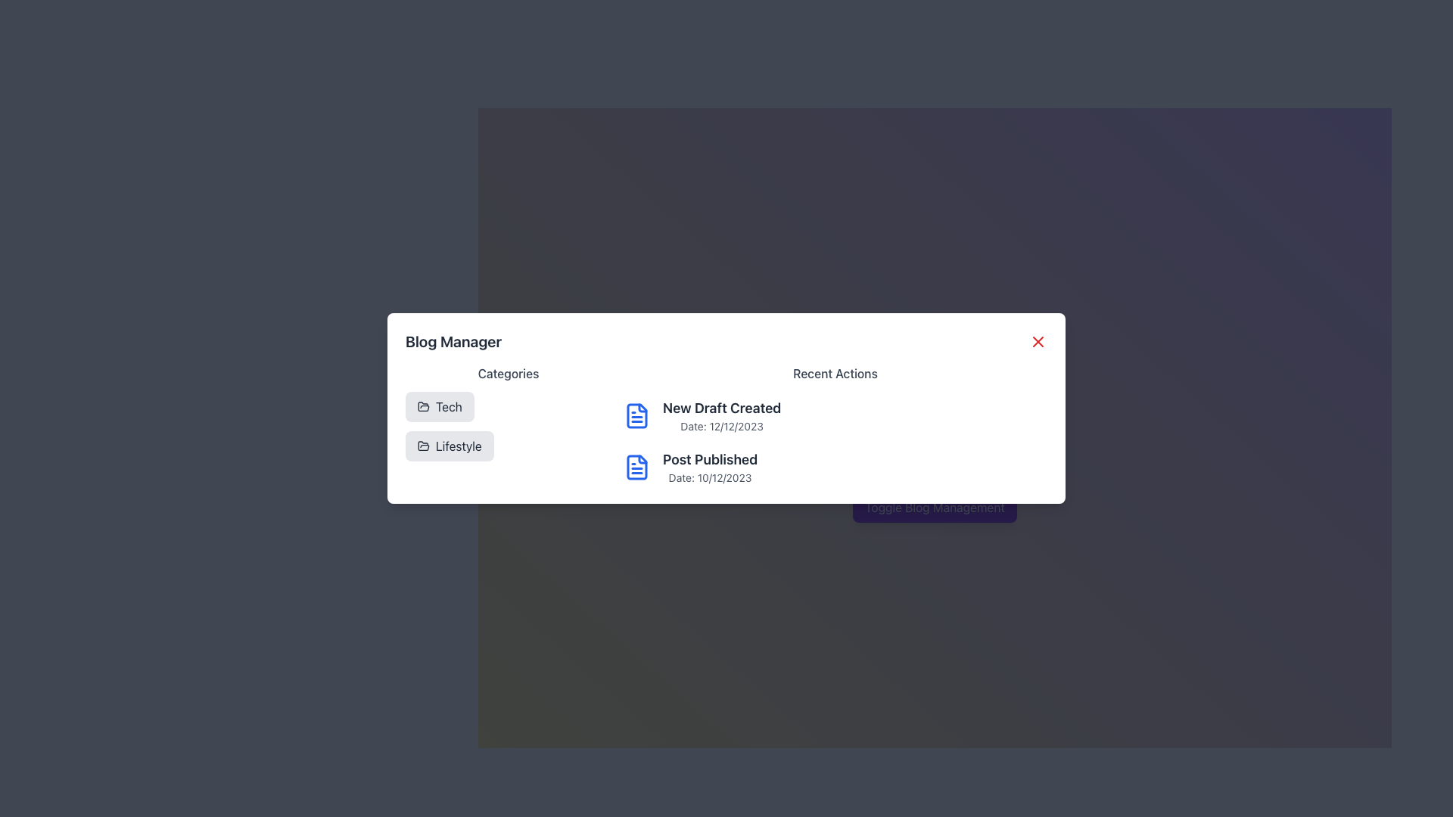 The width and height of the screenshot is (1453, 817). What do you see at coordinates (424, 405) in the screenshot?
I see `the folder icon located to the left of the 'Tech' label within the 'Categories' section of the modal` at bounding box center [424, 405].